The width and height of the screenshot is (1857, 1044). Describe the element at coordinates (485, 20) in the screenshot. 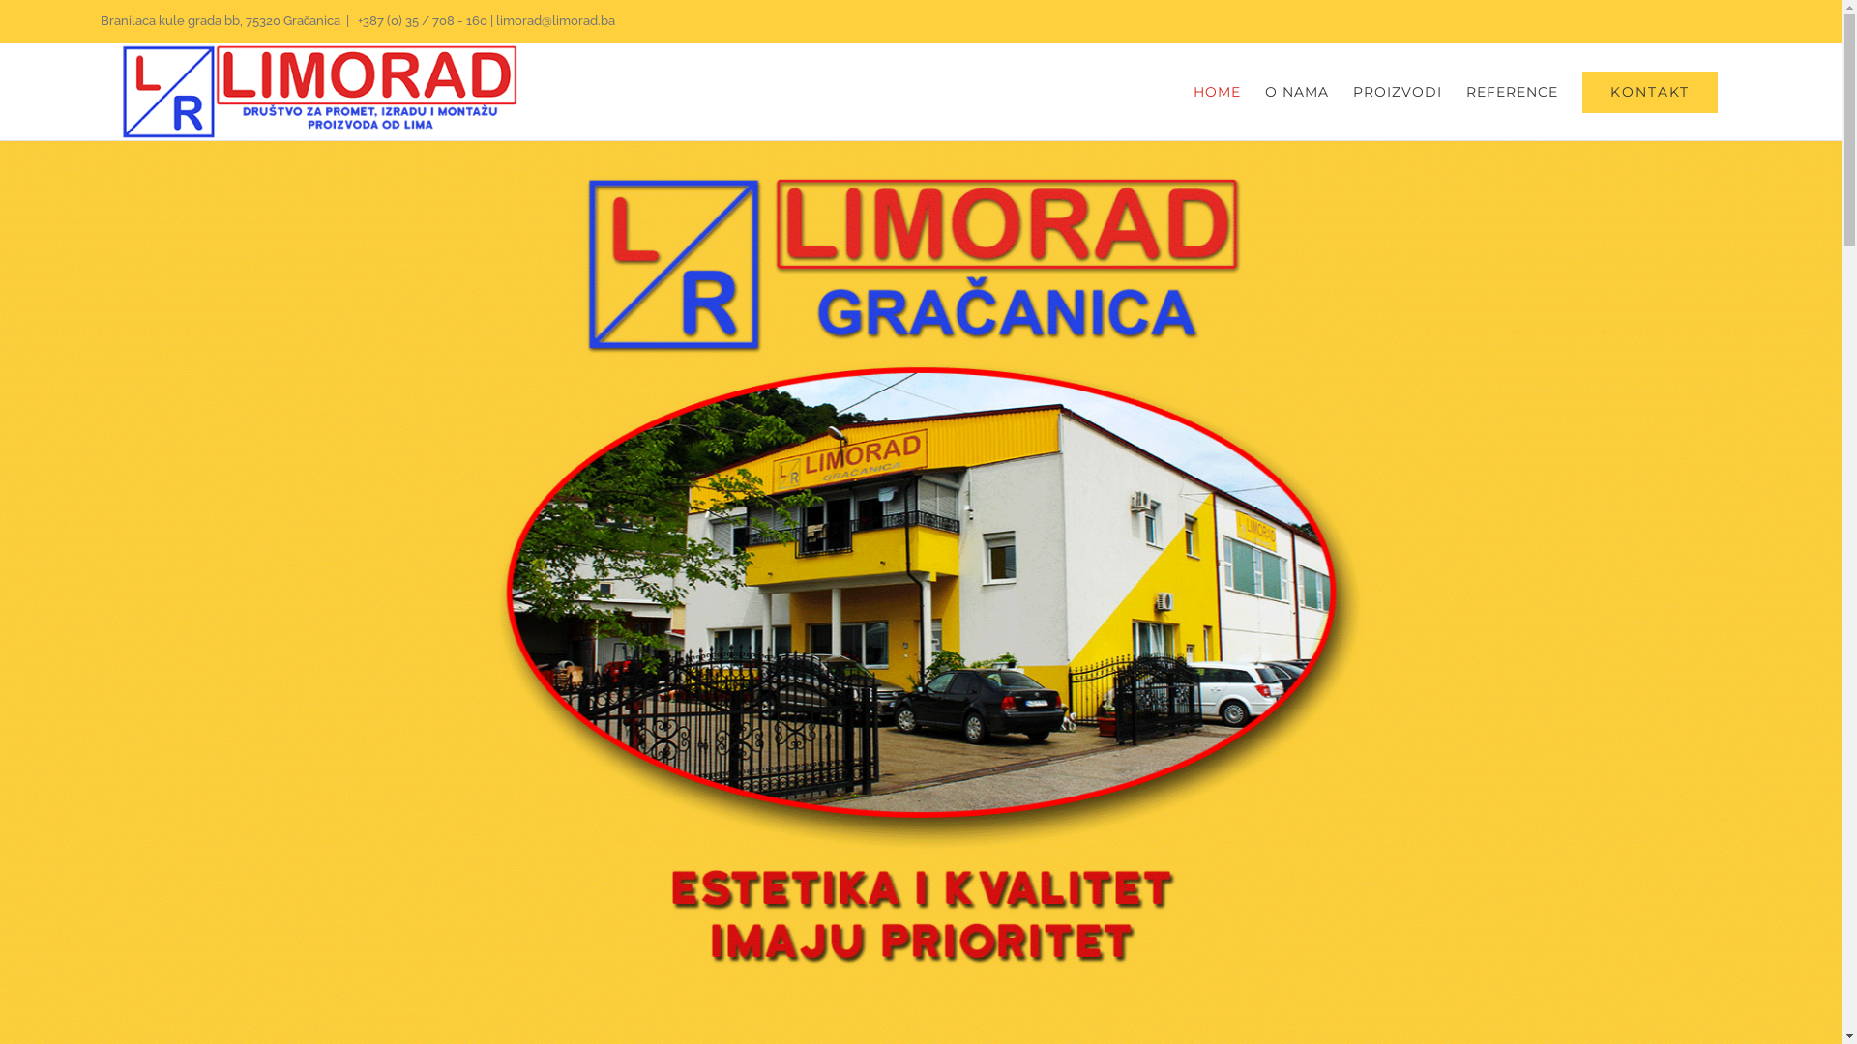

I see `'+387 (0) 35 / 708 - 160 | limorad@limorad.ba'` at that location.